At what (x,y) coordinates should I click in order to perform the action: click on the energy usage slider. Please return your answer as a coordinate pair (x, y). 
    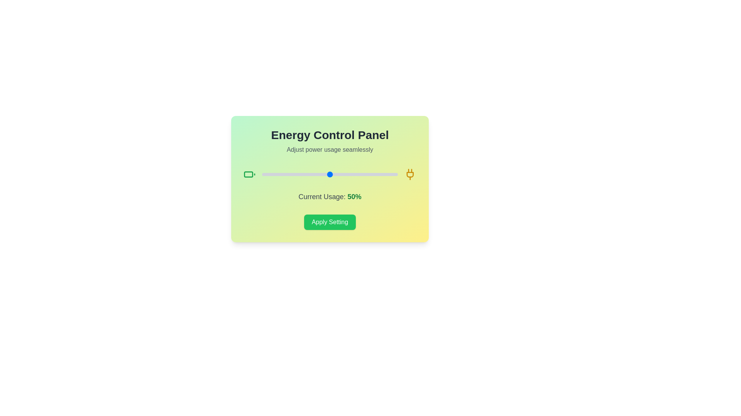
    Looking at the image, I should click on (299, 174).